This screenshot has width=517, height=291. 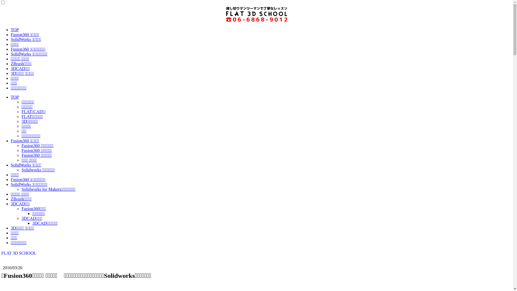 What do you see at coordinates (15, 97) in the screenshot?
I see `'TOP'` at bounding box center [15, 97].